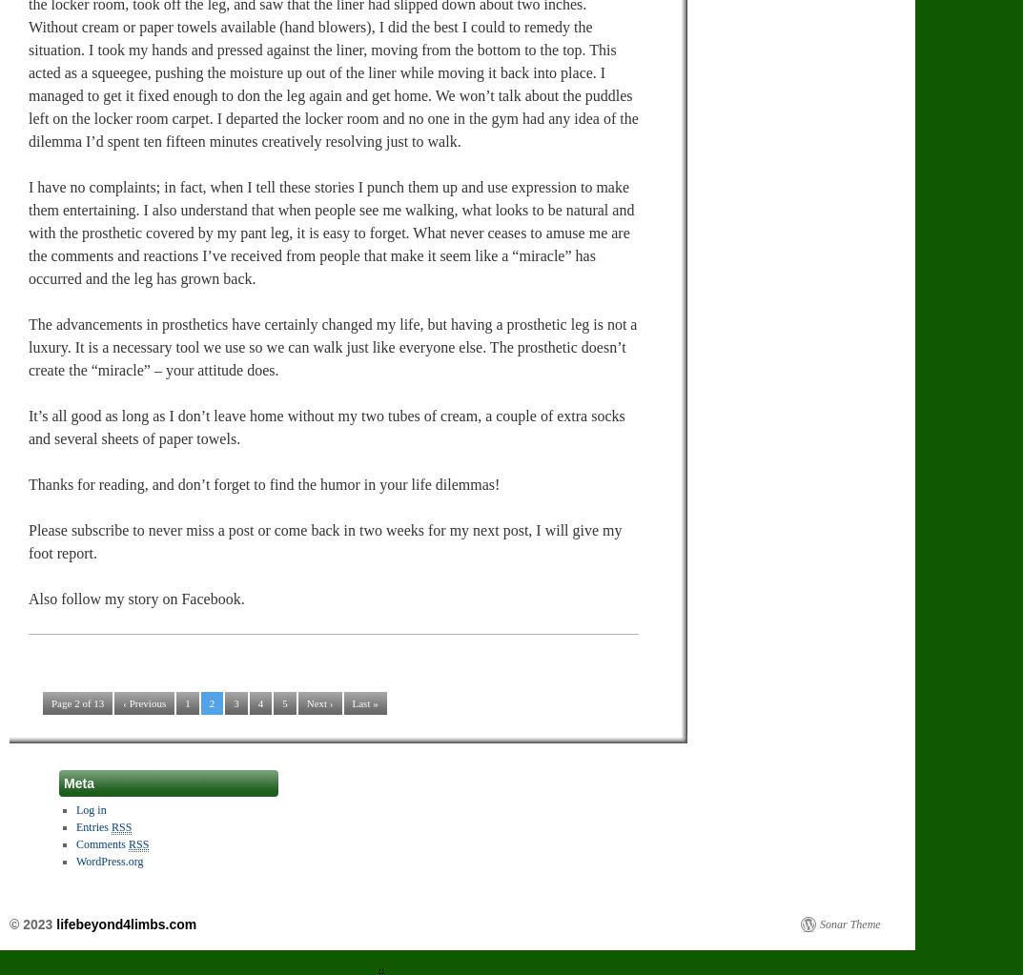  What do you see at coordinates (281, 701) in the screenshot?
I see `'5'` at bounding box center [281, 701].